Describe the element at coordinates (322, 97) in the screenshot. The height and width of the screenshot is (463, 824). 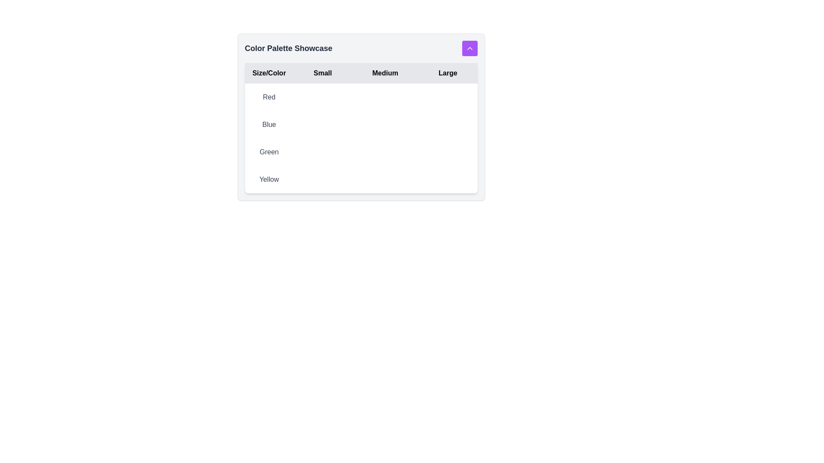
I see `the non-interactive visual label indicating 'Small' size in the 'Red' row of the grid layout` at that location.